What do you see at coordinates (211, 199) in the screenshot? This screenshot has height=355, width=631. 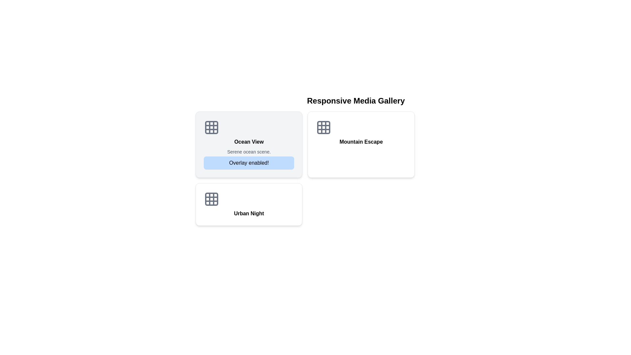 I see `the Icon component located in the center of the 3x3 grid layout within the 'Urban Night' group in the lower-left section of the interface` at bounding box center [211, 199].